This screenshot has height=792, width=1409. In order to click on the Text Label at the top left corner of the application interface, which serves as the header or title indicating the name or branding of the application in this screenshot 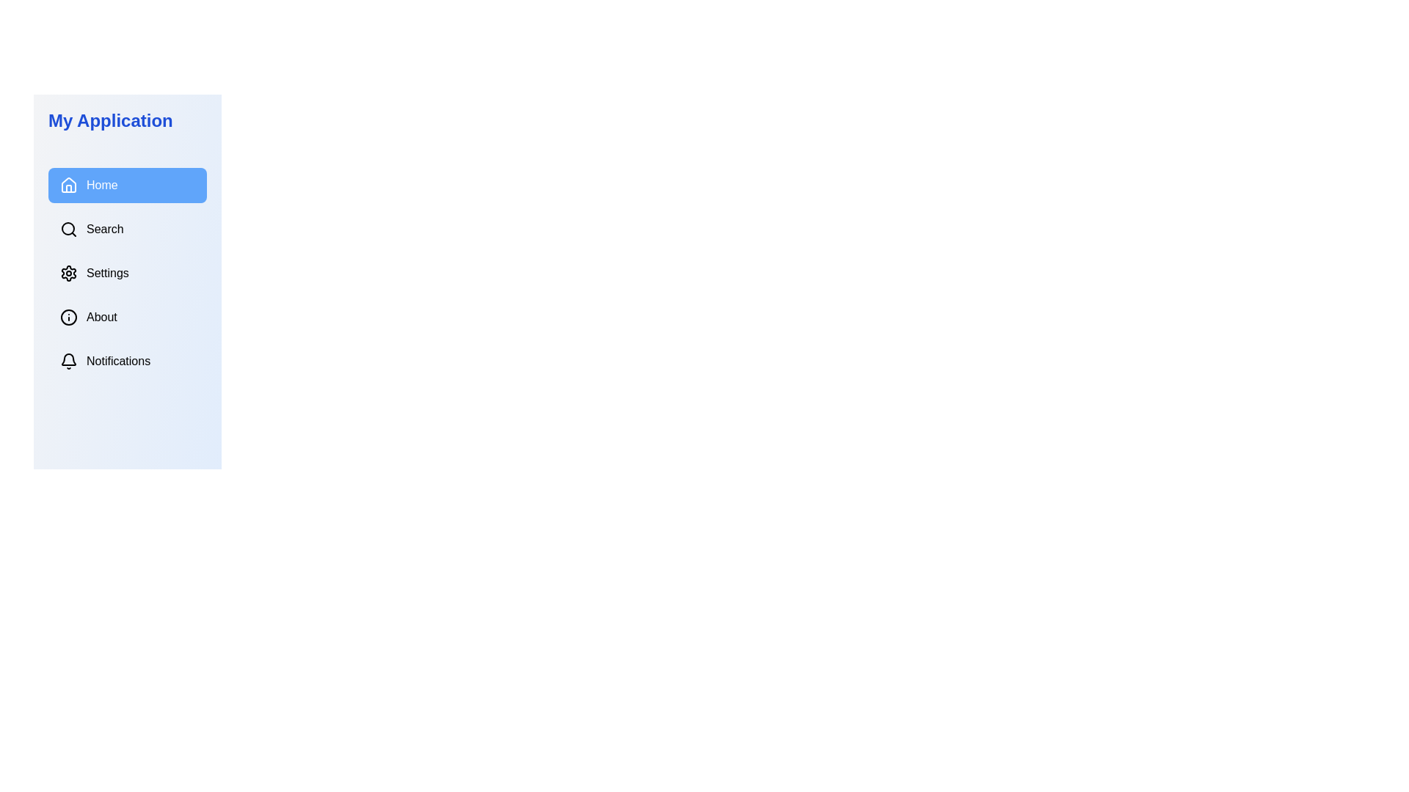, I will do `click(109, 120)`.